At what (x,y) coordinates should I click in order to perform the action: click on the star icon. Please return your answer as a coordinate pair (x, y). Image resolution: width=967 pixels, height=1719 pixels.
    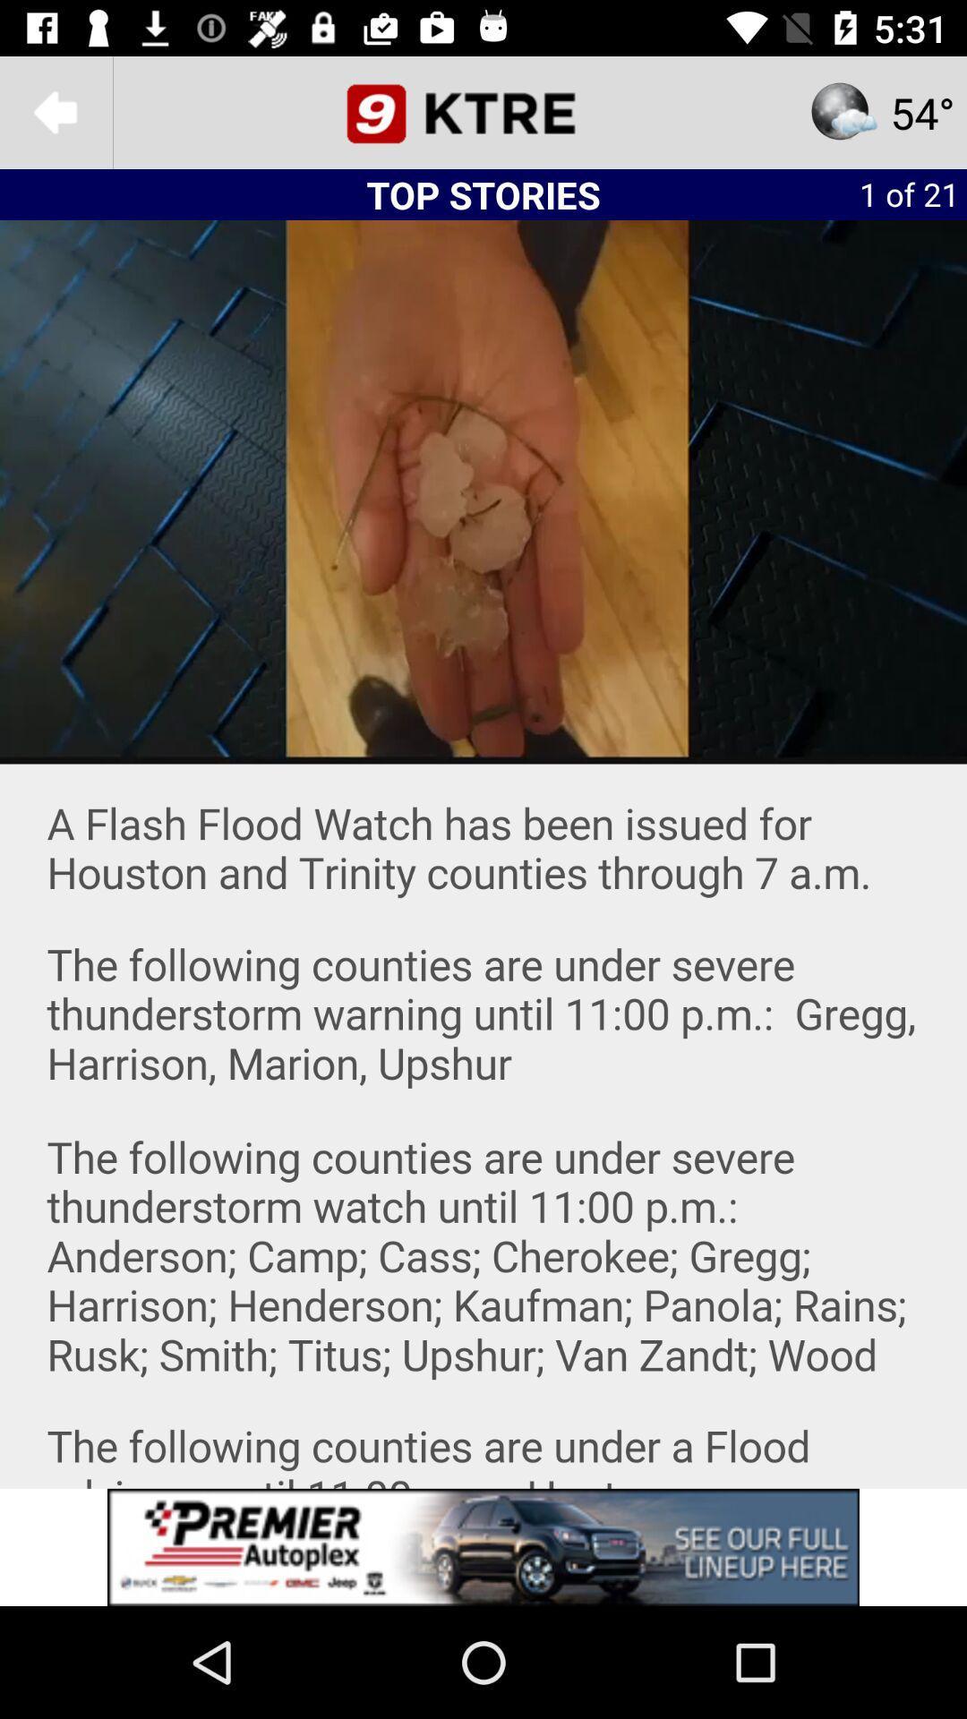
    Looking at the image, I should click on (880, 111).